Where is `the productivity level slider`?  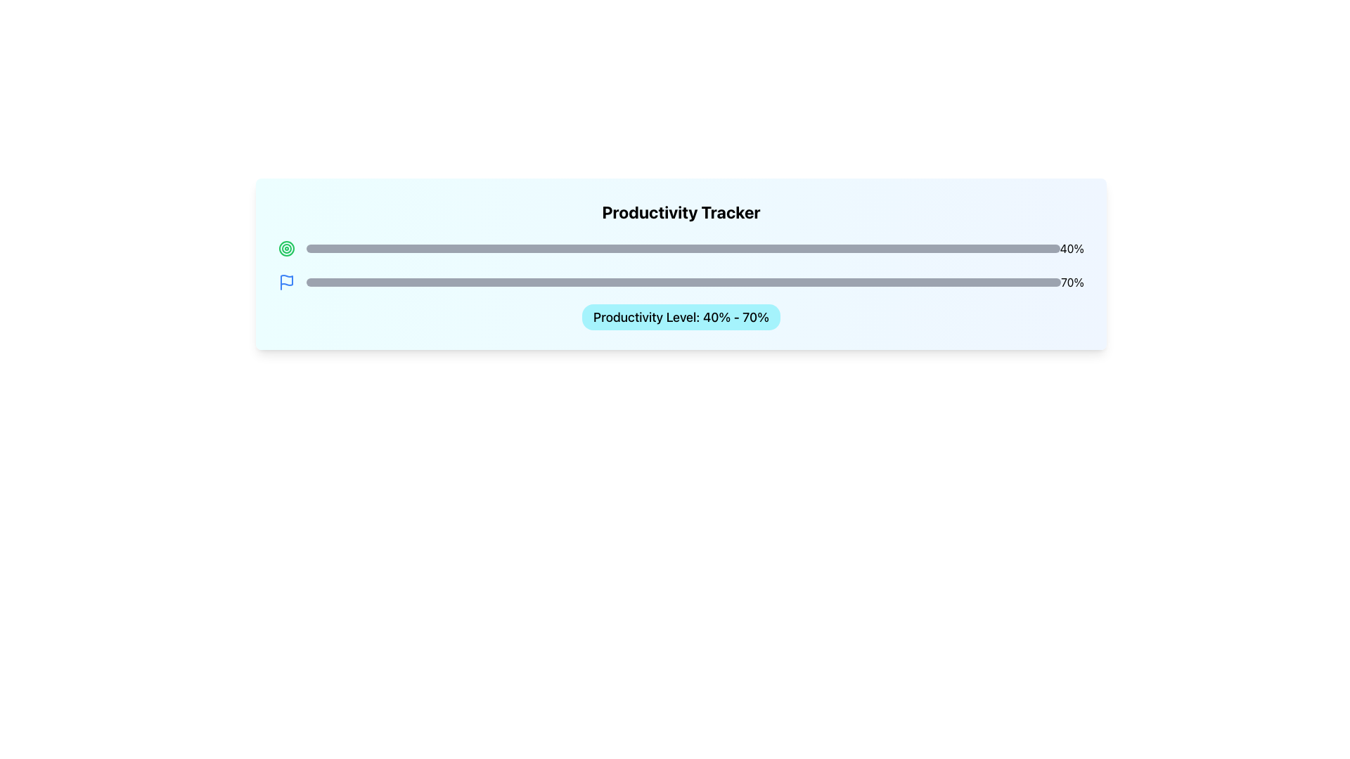
the productivity level slider is located at coordinates (637, 248).